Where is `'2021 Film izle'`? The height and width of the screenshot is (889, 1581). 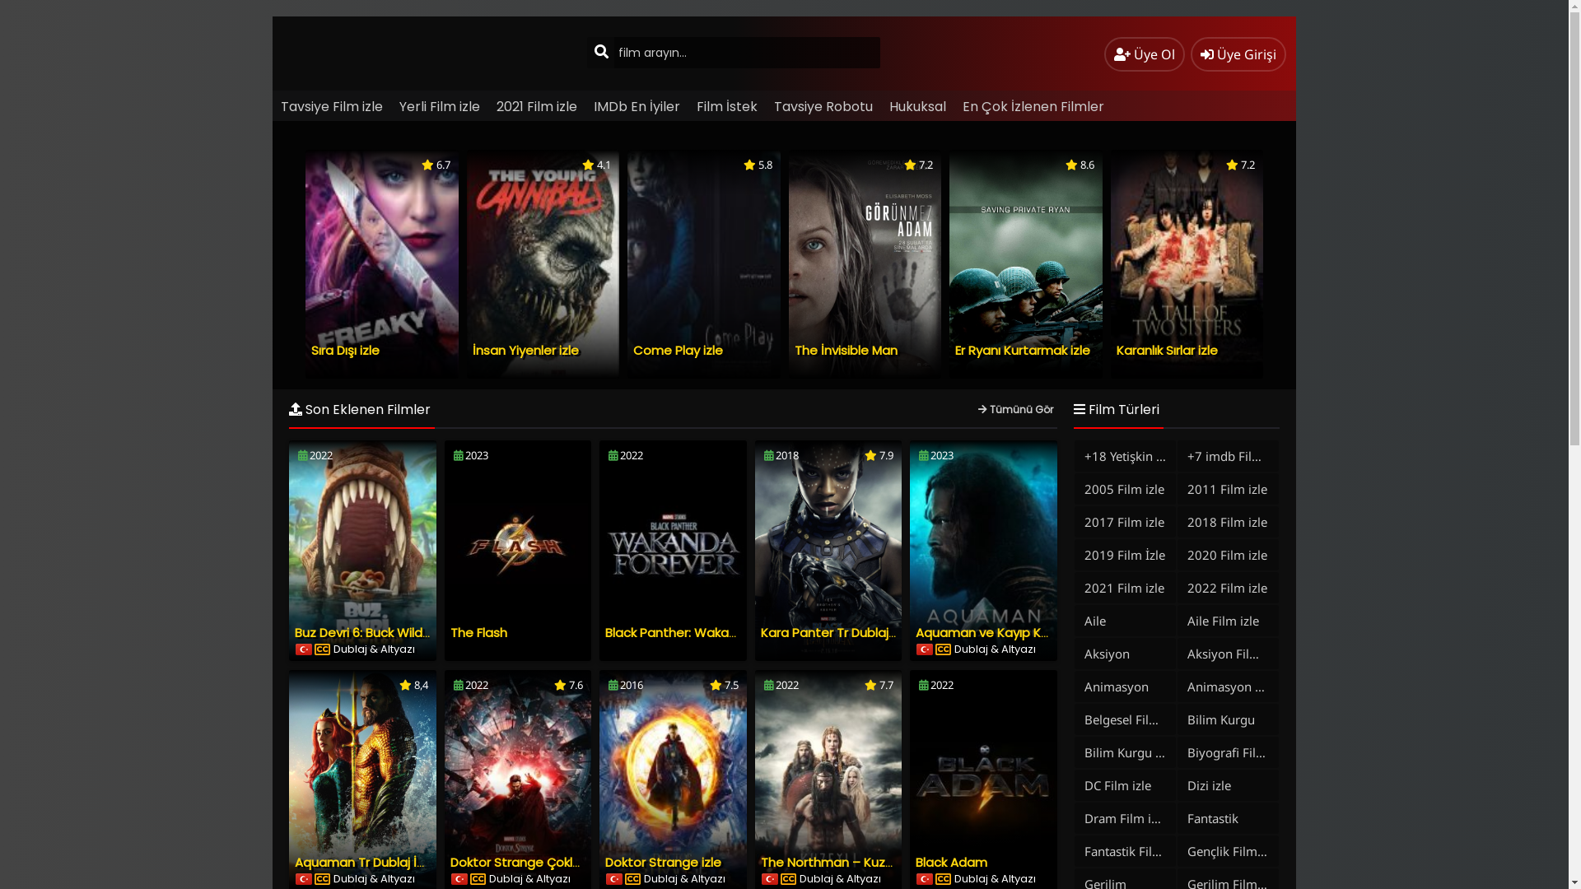
'2021 Film izle' is located at coordinates (537, 106).